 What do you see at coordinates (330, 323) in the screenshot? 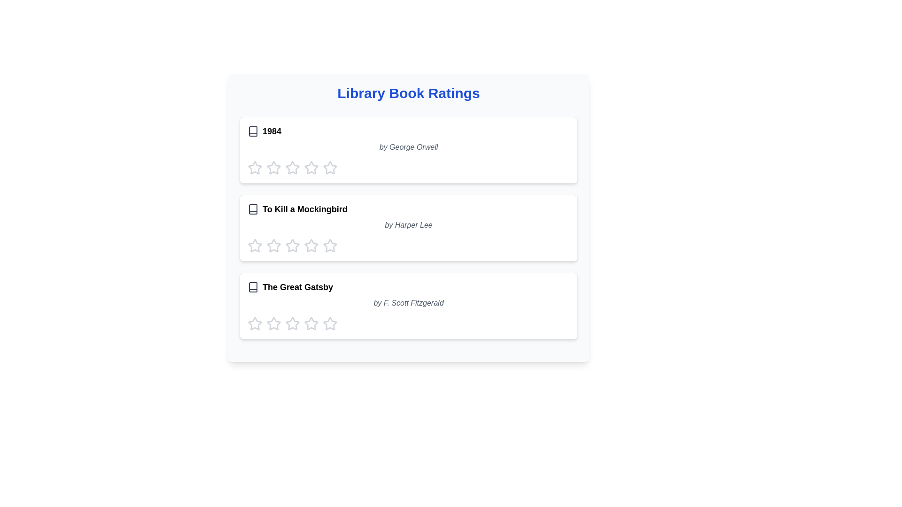
I see `the fourth star rating icon` at bounding box center [330, 323].